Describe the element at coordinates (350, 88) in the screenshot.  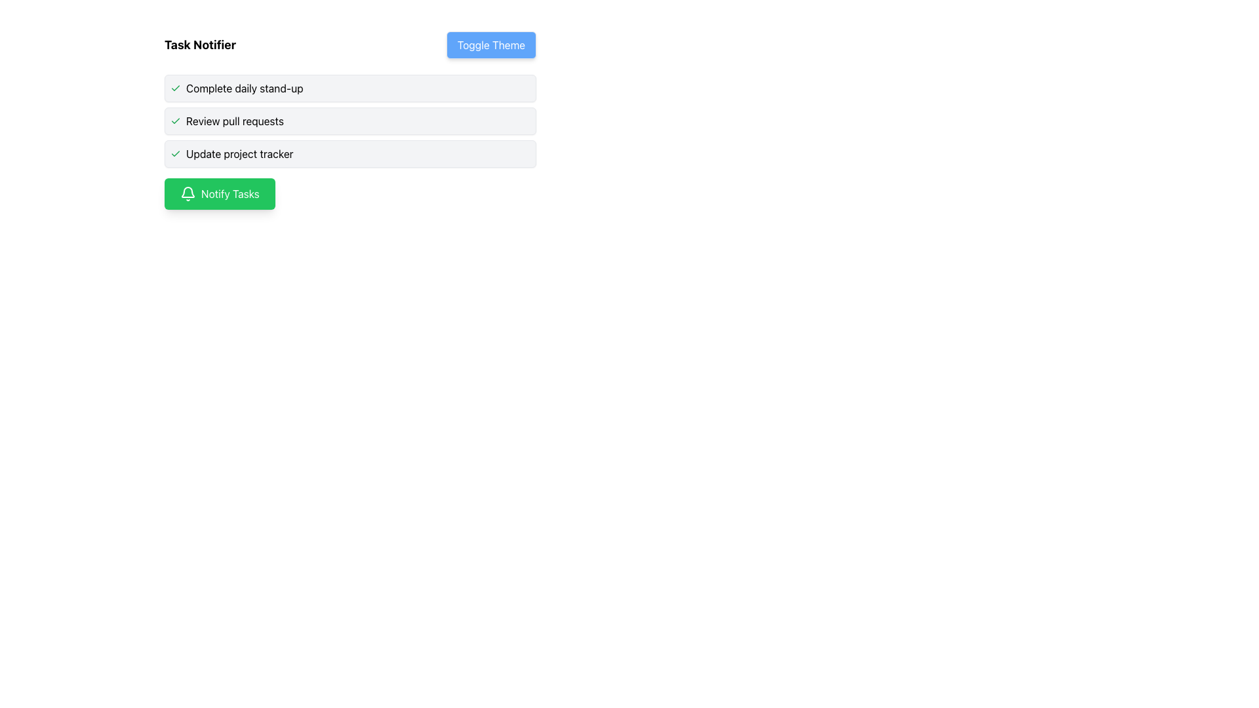
I see `the 'Complete daily stand-up' task display item in the Task Notifier section` at that location.